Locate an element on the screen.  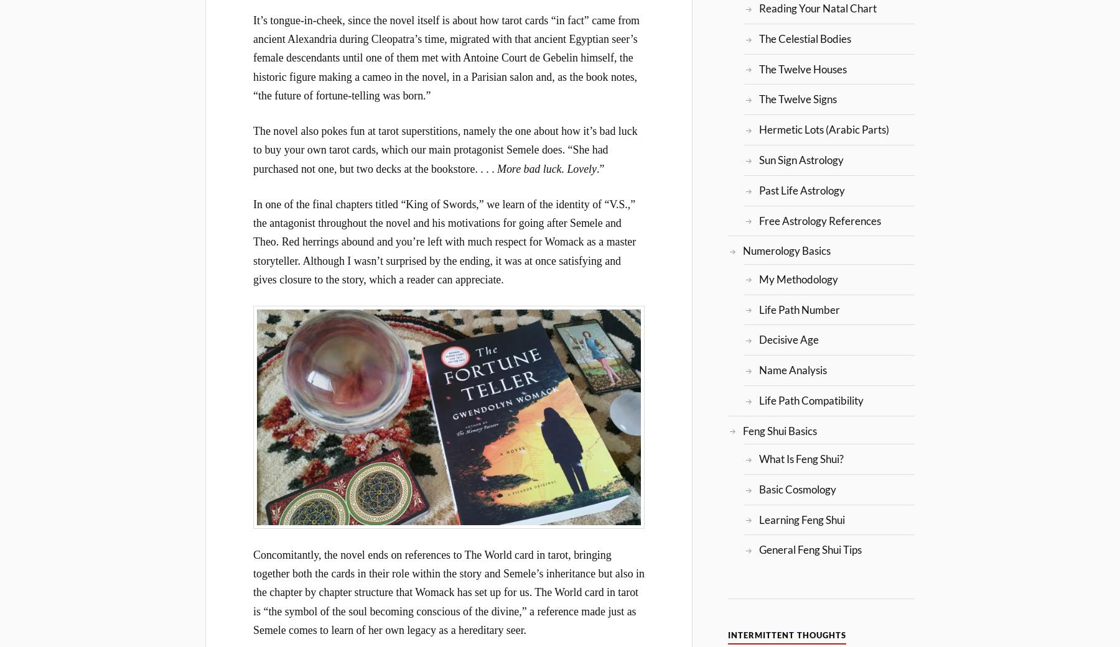
'The Twelve Houses' is located at coordinates (757, 68).